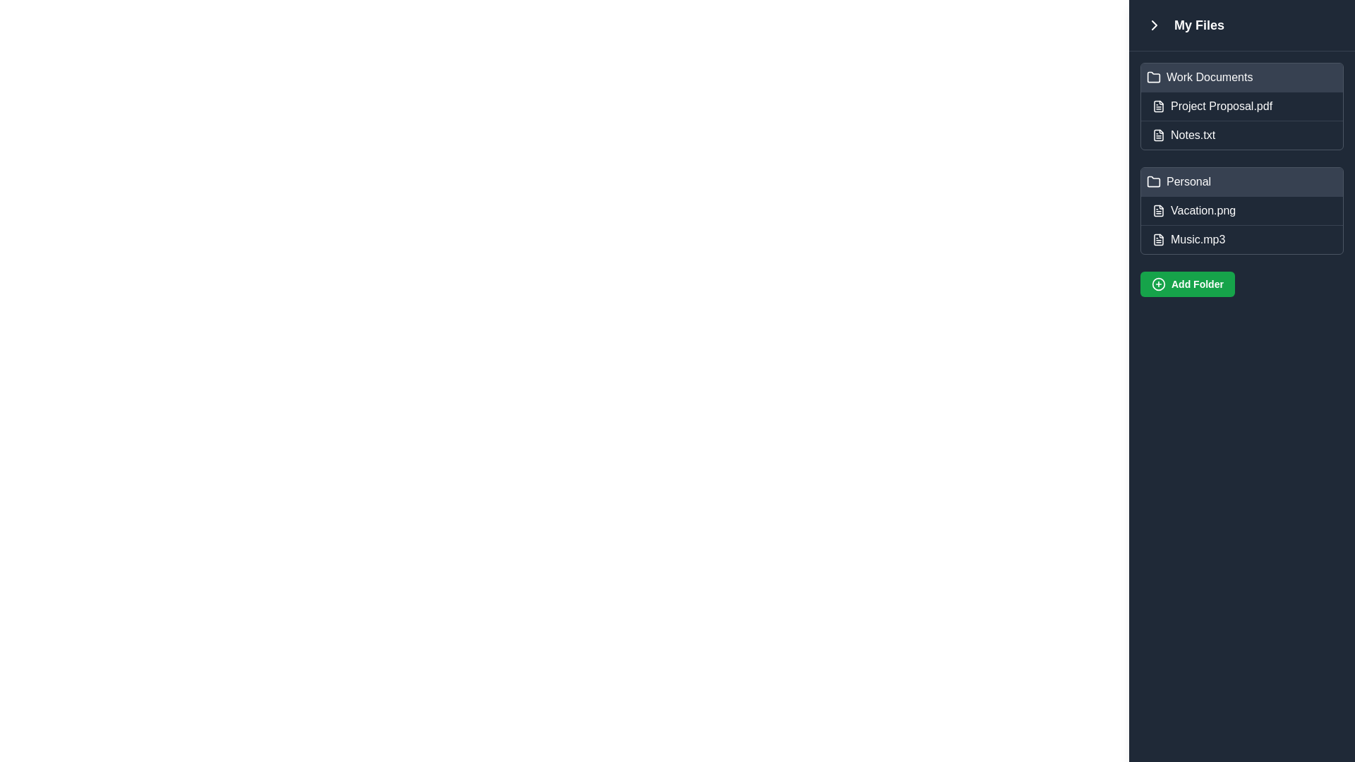 The image size is (1355, 762). I want to click on the rightward-pointing chevron arrow icon located in the upper-left region of the user interface within the 'My Files' sidebar, so click(1155, 25).